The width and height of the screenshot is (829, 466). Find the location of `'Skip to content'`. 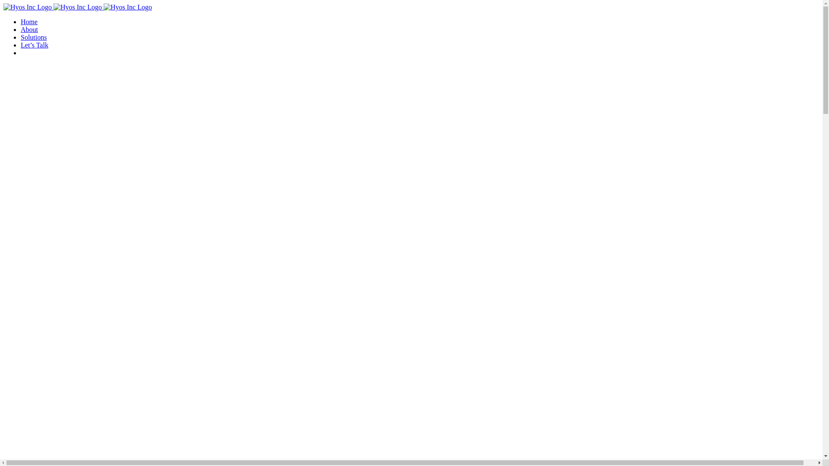

'Skip to content' is located at coordinates (3, 3).